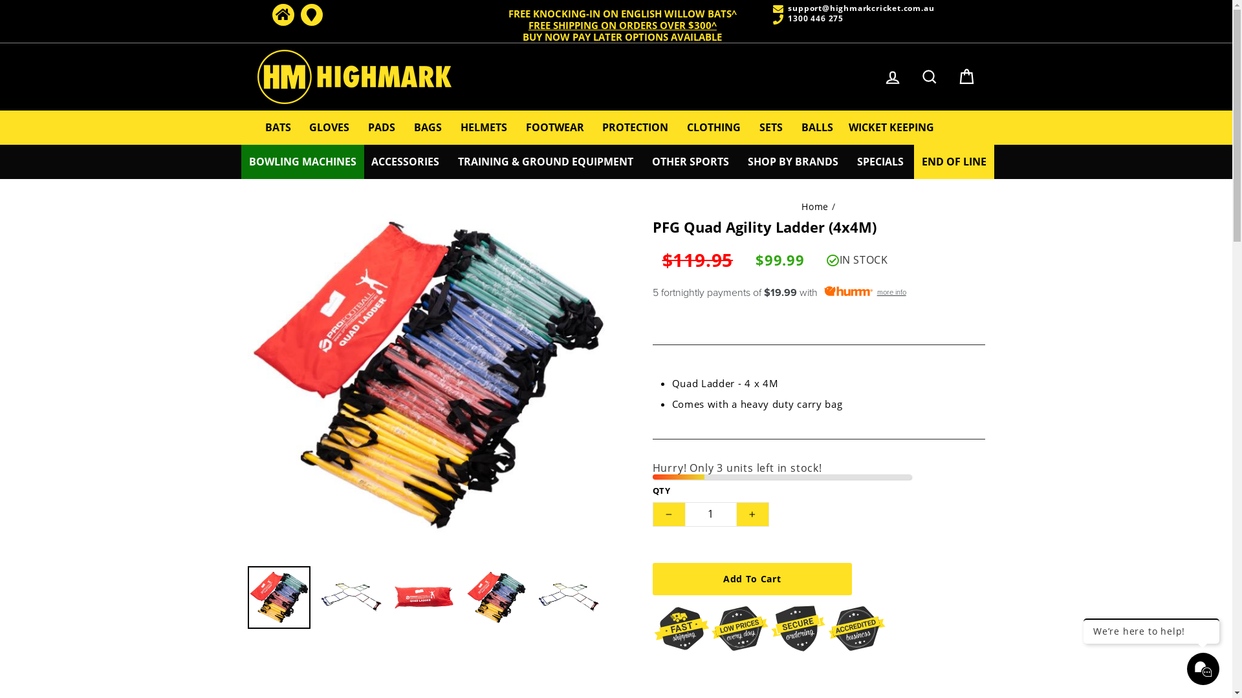  What do you see at coordinates (928, 77) in the screenshot?
I see `'SEARCH'` at bounding box center [928, 77].